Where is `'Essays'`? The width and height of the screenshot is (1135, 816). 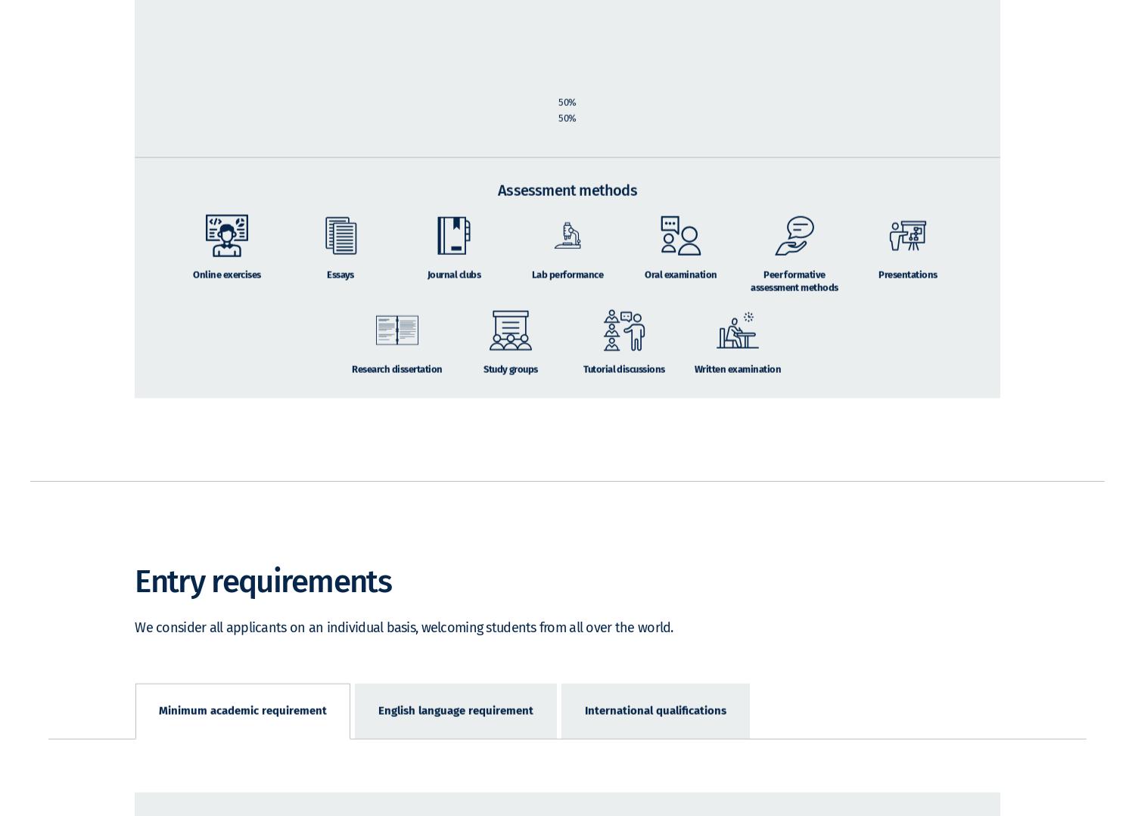 'Essays' is located at coordinates (339, 295).